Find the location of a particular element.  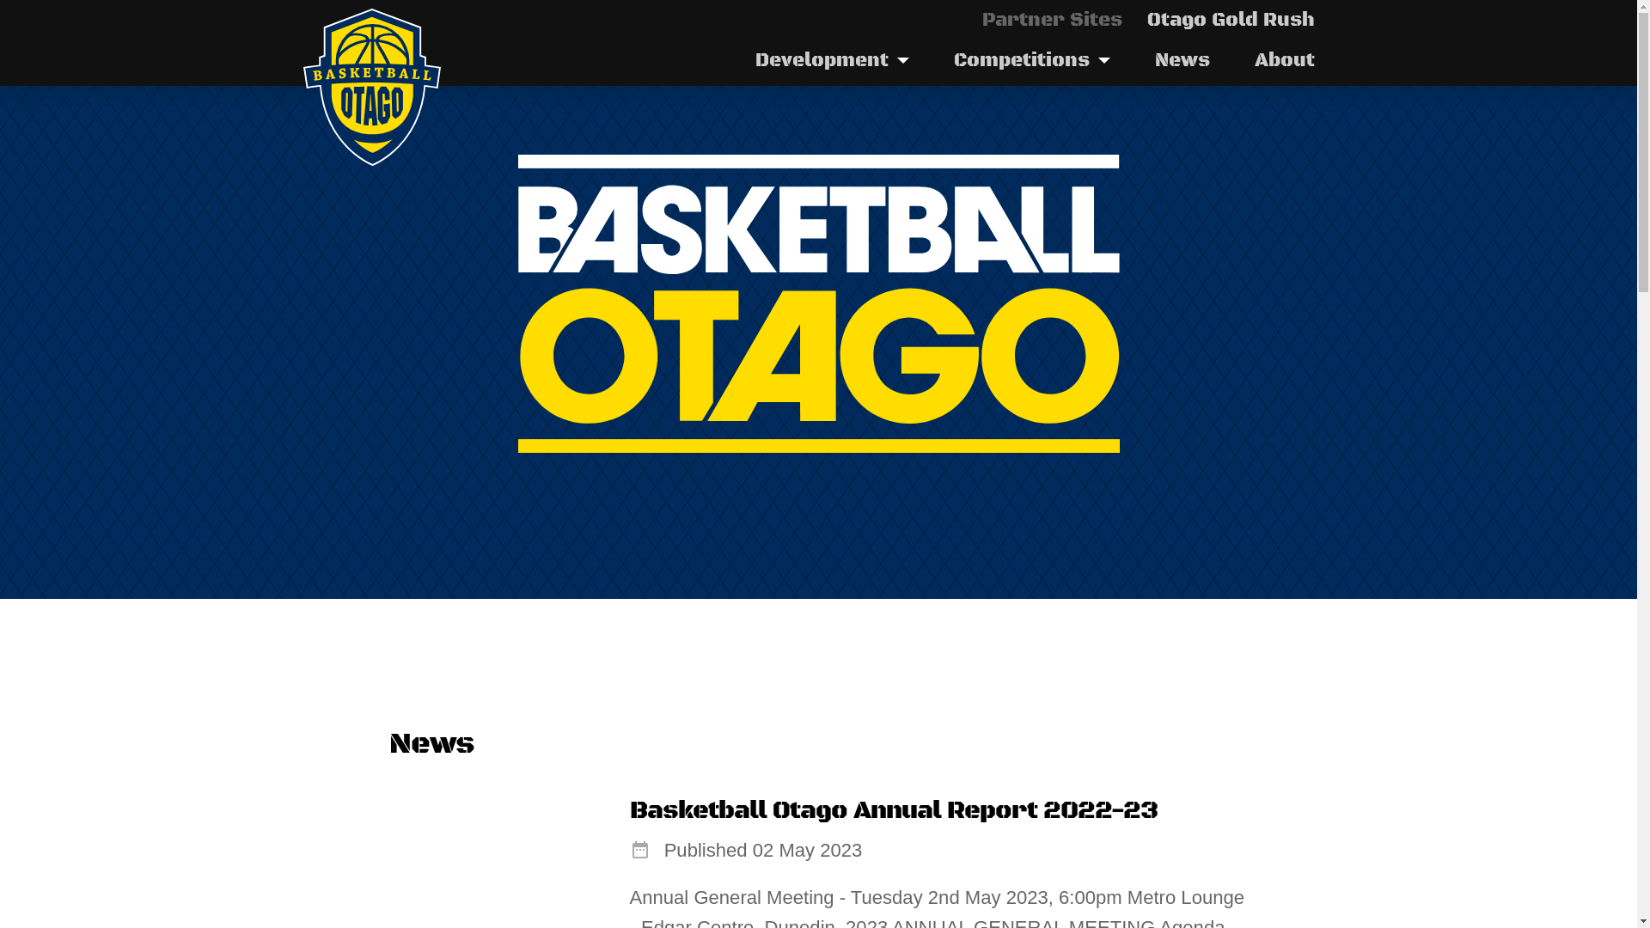

'Basketball Otago Annual Report 2022-23' is located at coordinates (892, 811).